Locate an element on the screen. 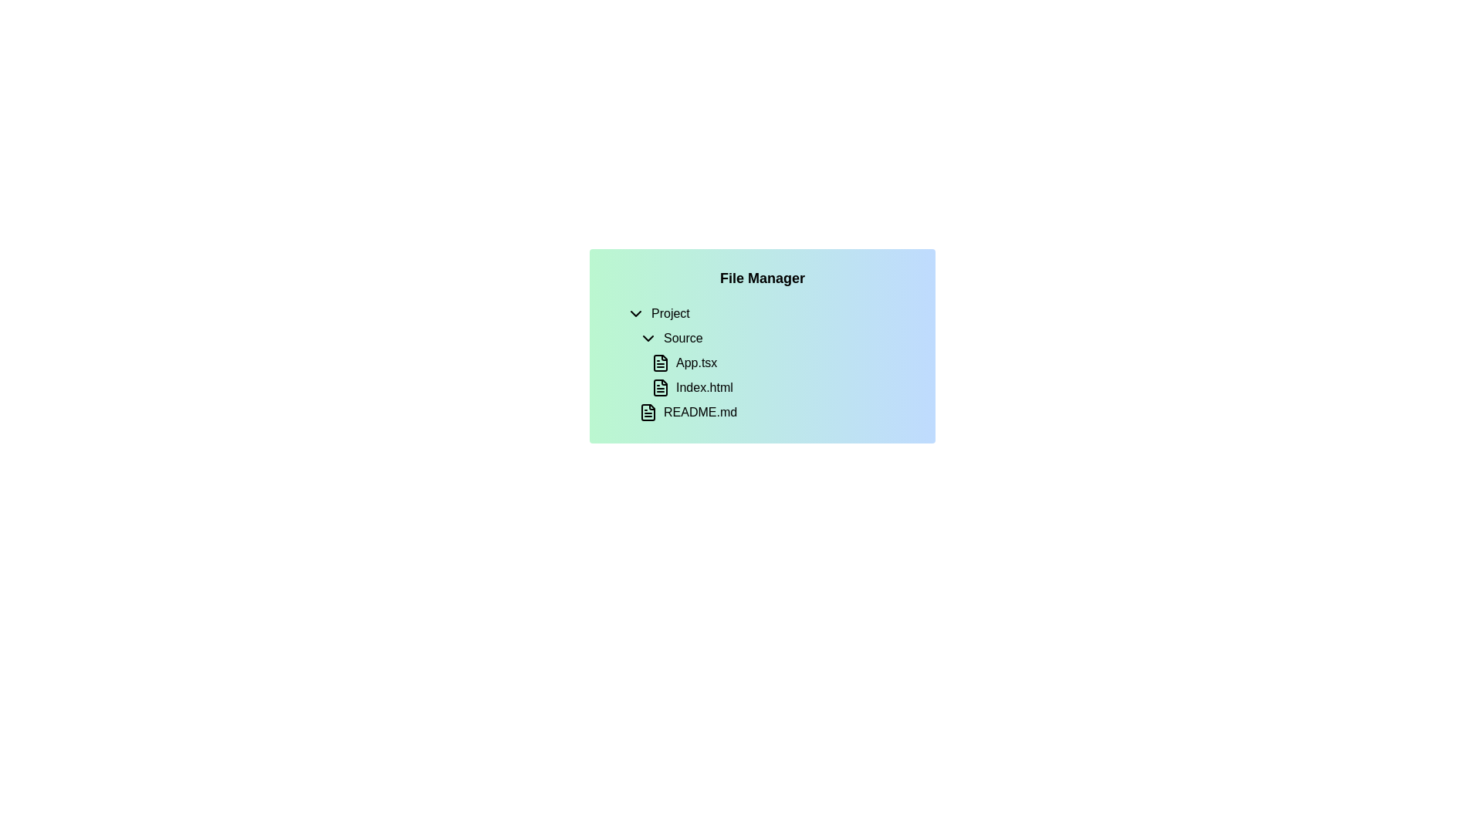 Image resolution: width=1482 pixels, height=833 pixels. the chevron icon next to the 'Source' label is located at coordinates (648, 338).